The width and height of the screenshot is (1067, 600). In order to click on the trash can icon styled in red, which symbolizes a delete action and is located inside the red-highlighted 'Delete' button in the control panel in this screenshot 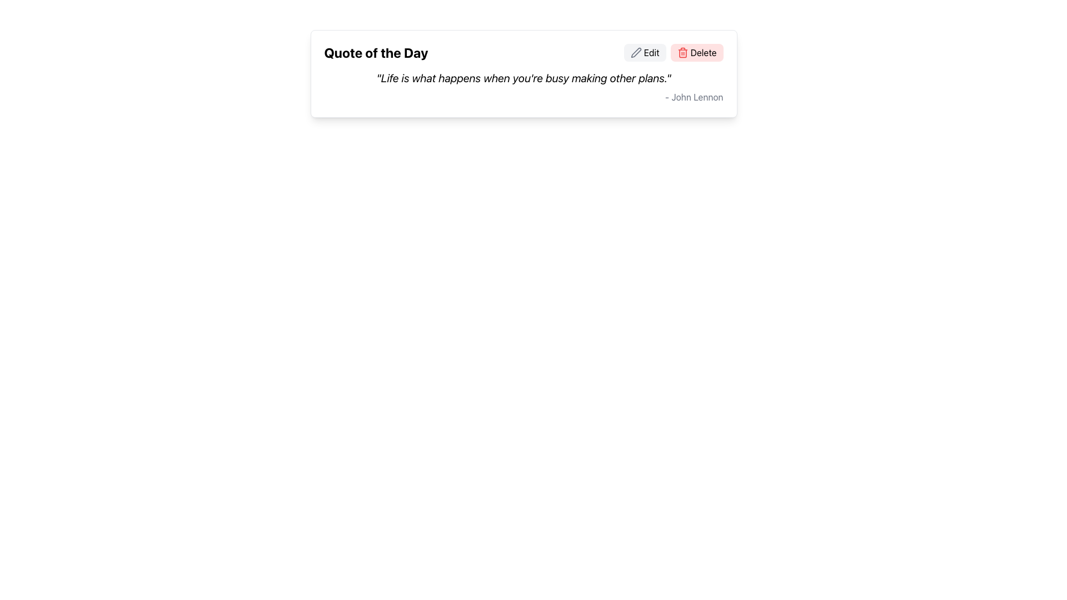, I will do `click(682, 53)`.